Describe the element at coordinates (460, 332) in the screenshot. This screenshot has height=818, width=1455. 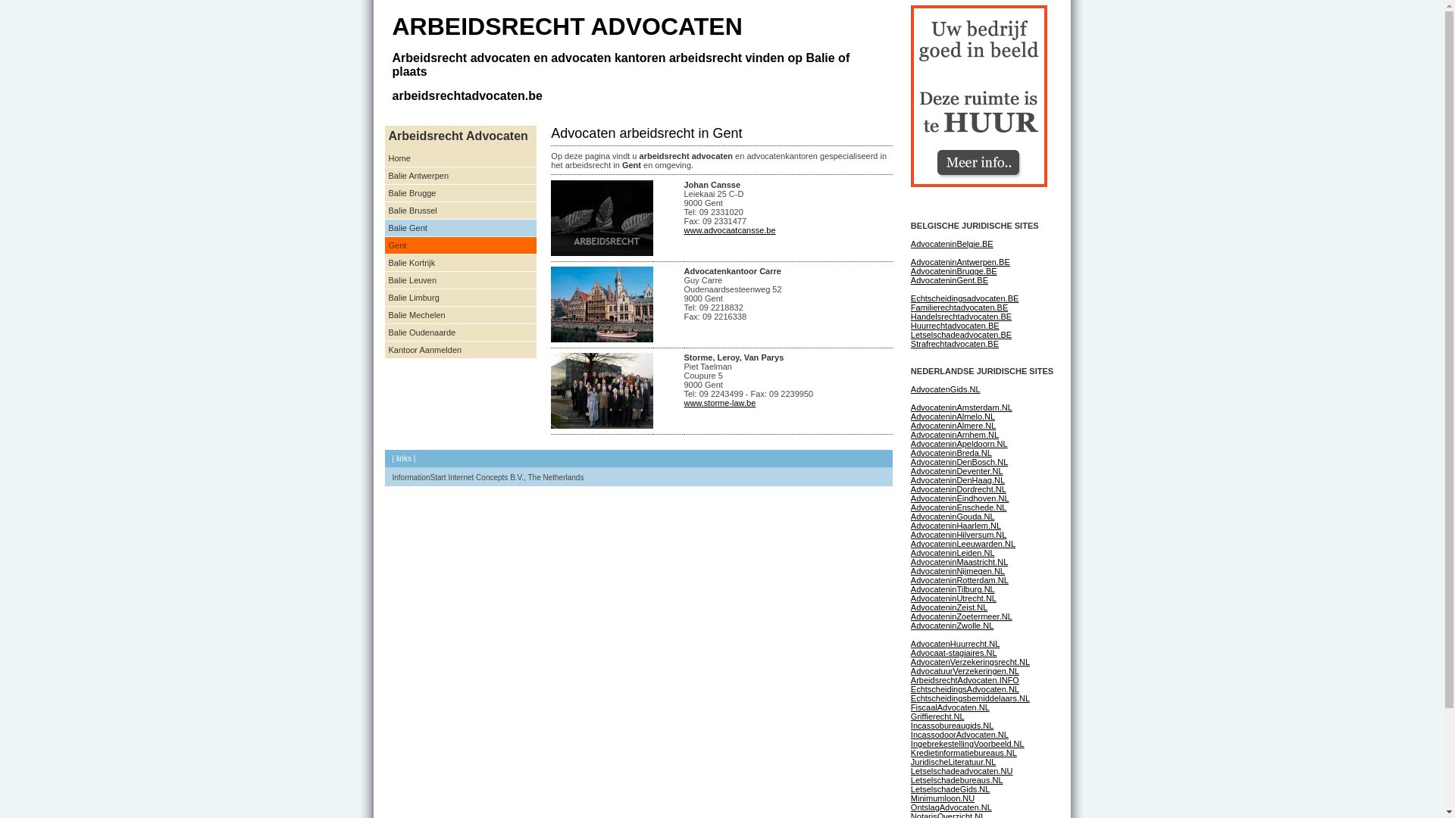
I see `'Balie Oudenaarde'` at that location.